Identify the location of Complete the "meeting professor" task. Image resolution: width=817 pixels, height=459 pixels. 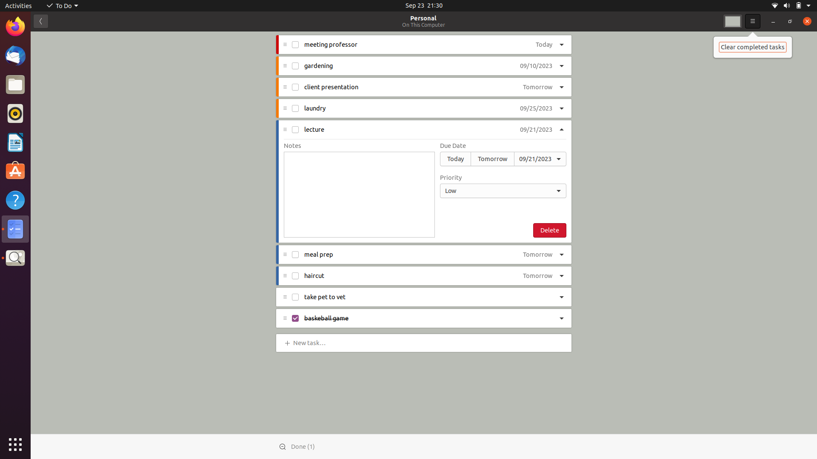
(296, 45).